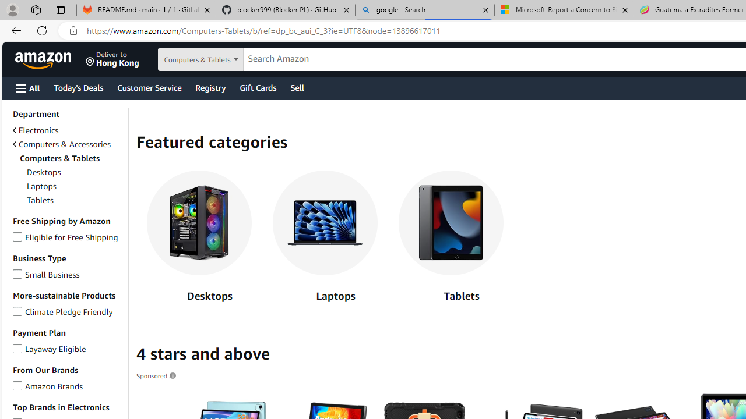  What do you see at coordinates (49, 348) in the screenshot?
I see `'Layaway Eligible Layaway Eligible'` at bounding box center [49, 348].